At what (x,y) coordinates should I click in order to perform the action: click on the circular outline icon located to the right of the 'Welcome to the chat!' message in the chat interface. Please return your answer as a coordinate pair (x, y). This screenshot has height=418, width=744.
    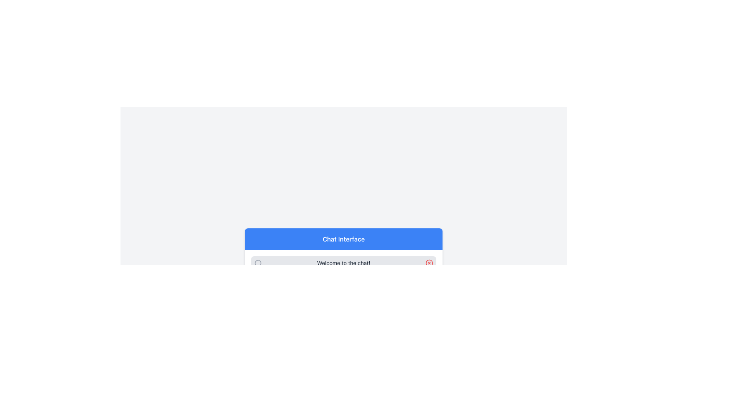
    Looking at the image, I should click on (429, 262).